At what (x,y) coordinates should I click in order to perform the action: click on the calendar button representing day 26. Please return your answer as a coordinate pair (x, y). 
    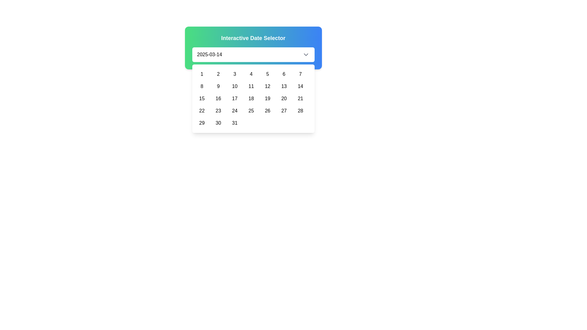
    Looking at the image, I should click on (268, 111).